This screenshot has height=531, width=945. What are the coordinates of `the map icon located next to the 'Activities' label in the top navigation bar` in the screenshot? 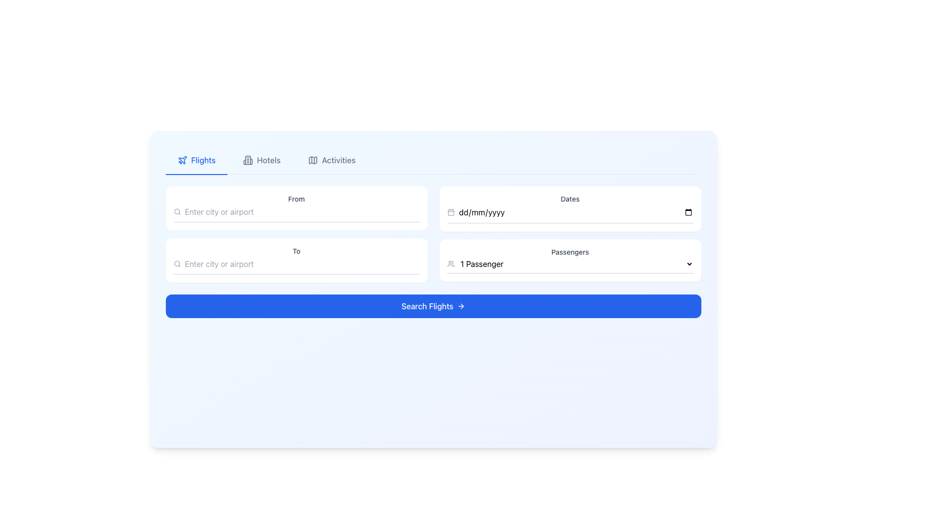 It's located at (313, 160).